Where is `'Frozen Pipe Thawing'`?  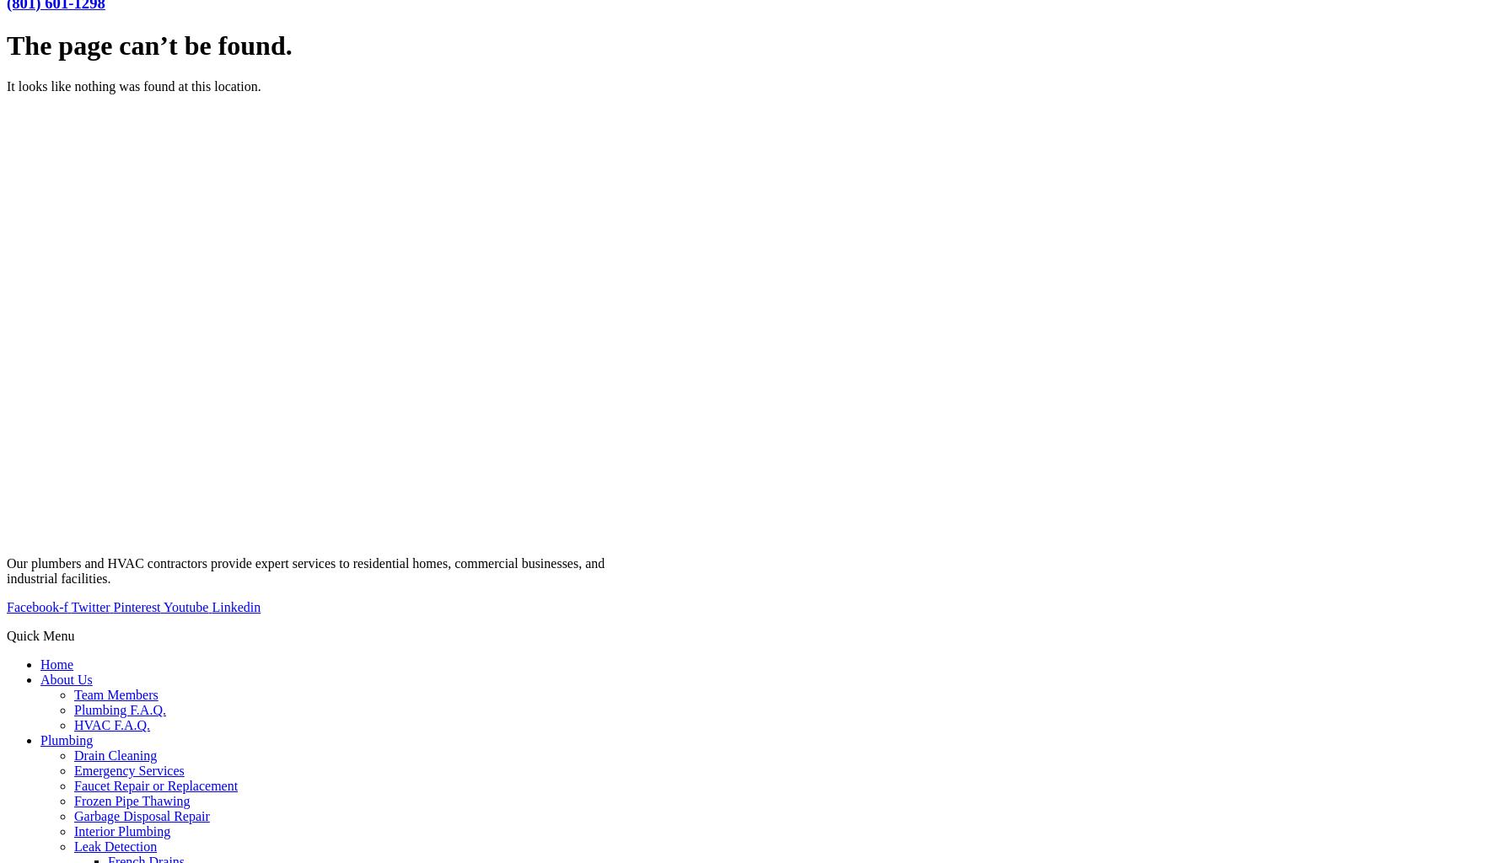 'Frozen Pipe Thawing' is located at coordinates (73, 801).